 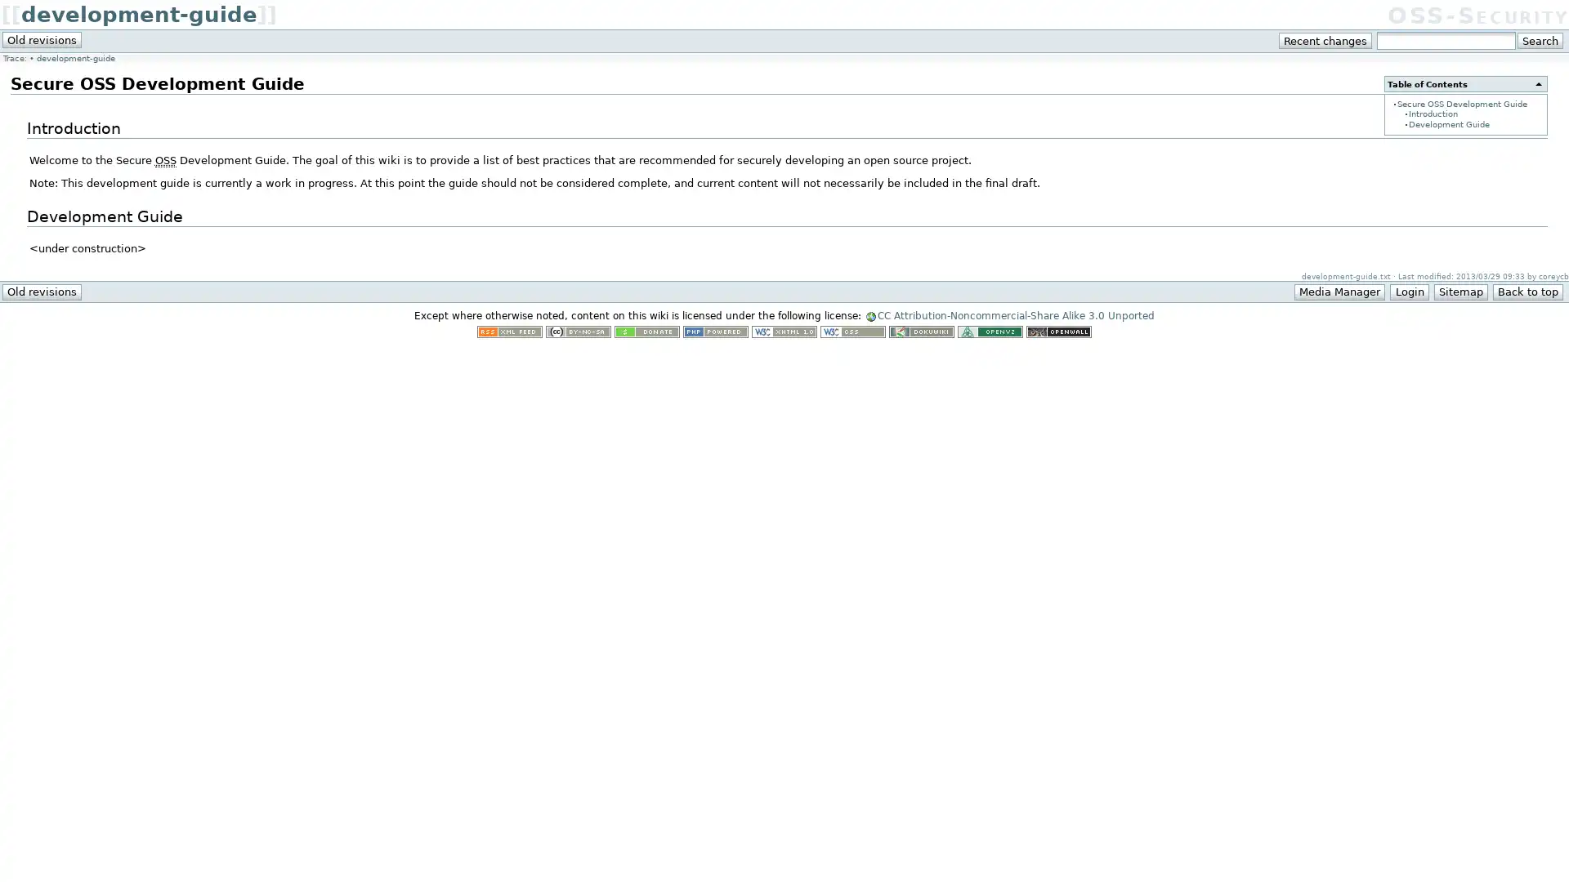 What do you see at coordinates (1325, 40) in the screenshot?
I see `Recent changes` at bounding box center [1325, 40].